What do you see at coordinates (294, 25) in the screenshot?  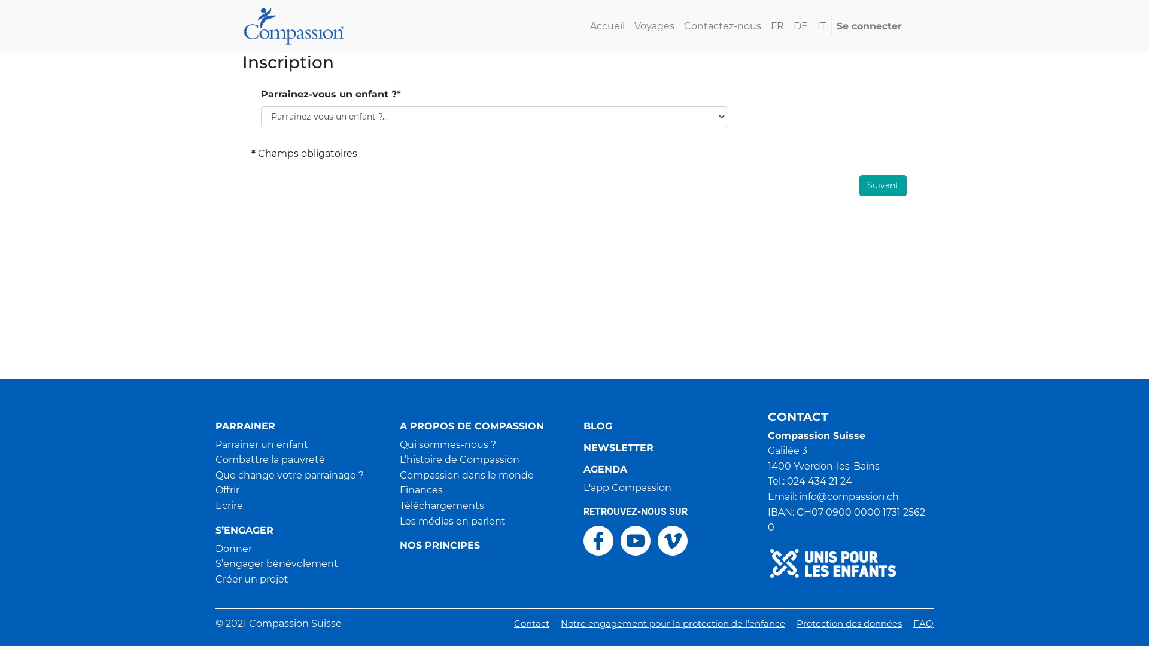 I see `'Compassion Suisse'` at bounding box center [294, 25].